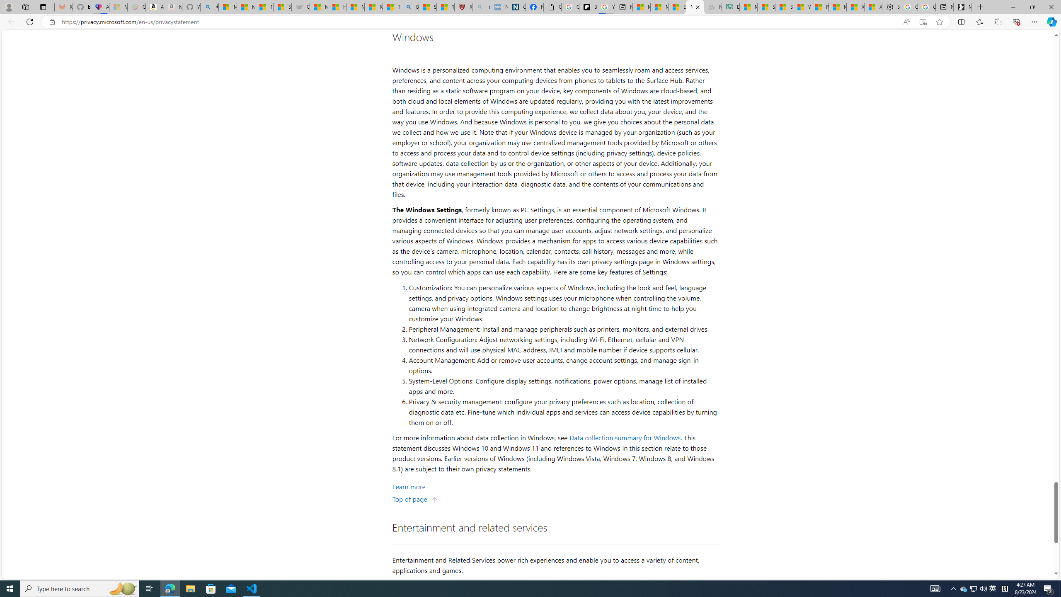 This screenshot has width=1061, height=597. Describe the element at coordinates (923, 22) in the screenshot. I see `'Enter Immersive Reader (F9)'` at that location.